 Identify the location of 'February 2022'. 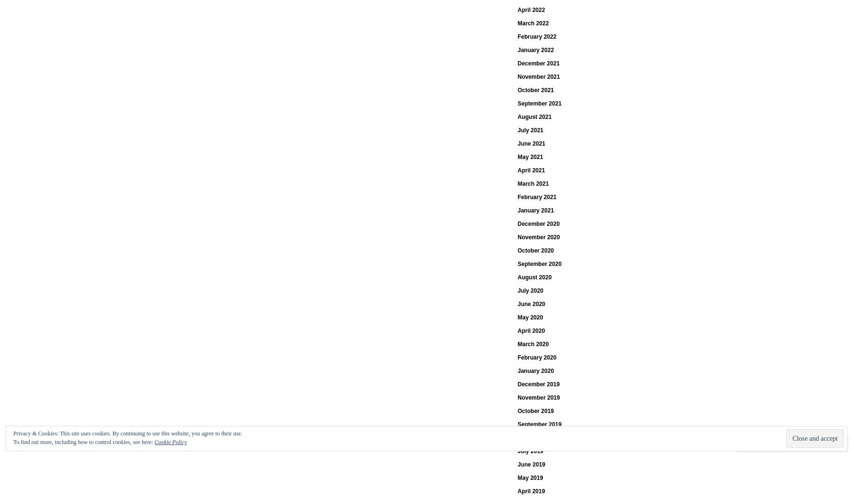
(536, 36).